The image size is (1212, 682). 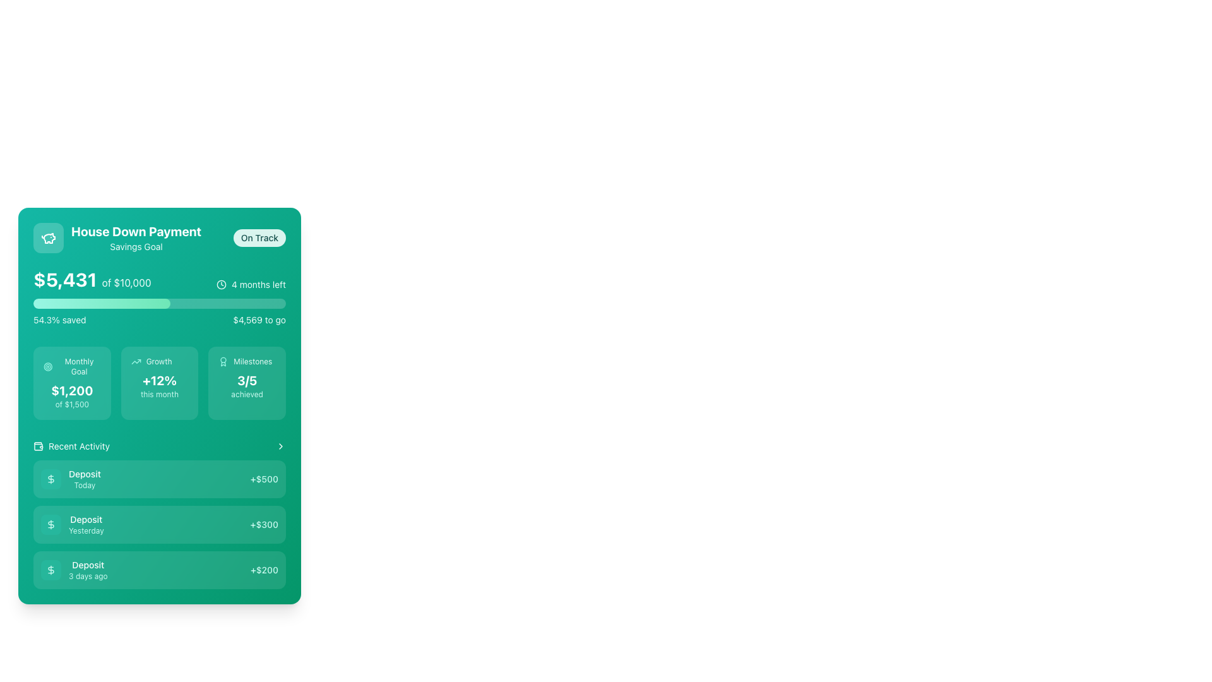 I want to click on the financial icon located in the 'Recent Activity' section next to 'Deposit Today', so click(x=50, y=570).